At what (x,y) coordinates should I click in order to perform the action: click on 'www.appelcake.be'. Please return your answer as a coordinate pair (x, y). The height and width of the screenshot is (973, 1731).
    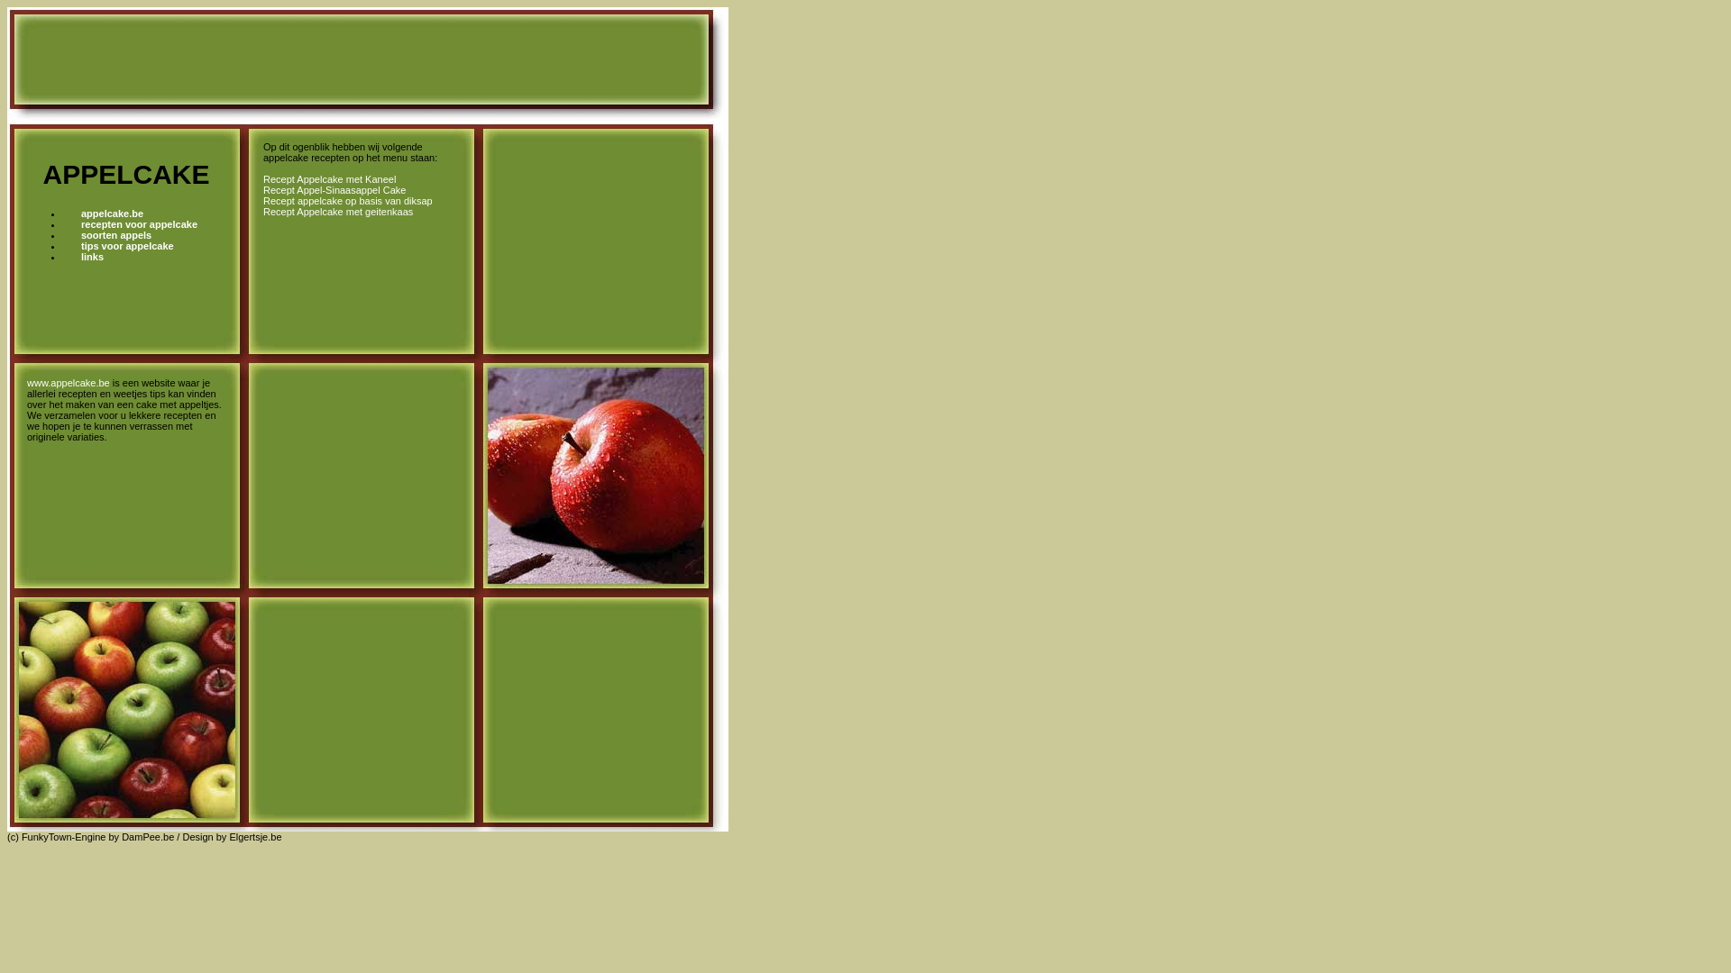
    Looking at the image, I should click on (69, 381).